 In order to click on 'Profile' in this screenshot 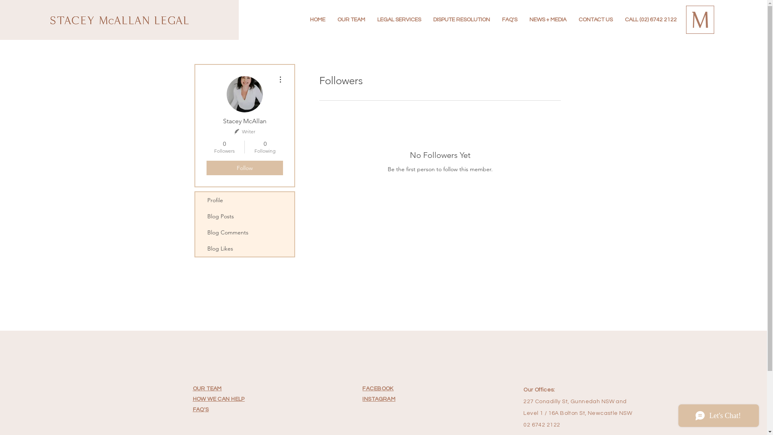, I will do `click(244, 200)`.